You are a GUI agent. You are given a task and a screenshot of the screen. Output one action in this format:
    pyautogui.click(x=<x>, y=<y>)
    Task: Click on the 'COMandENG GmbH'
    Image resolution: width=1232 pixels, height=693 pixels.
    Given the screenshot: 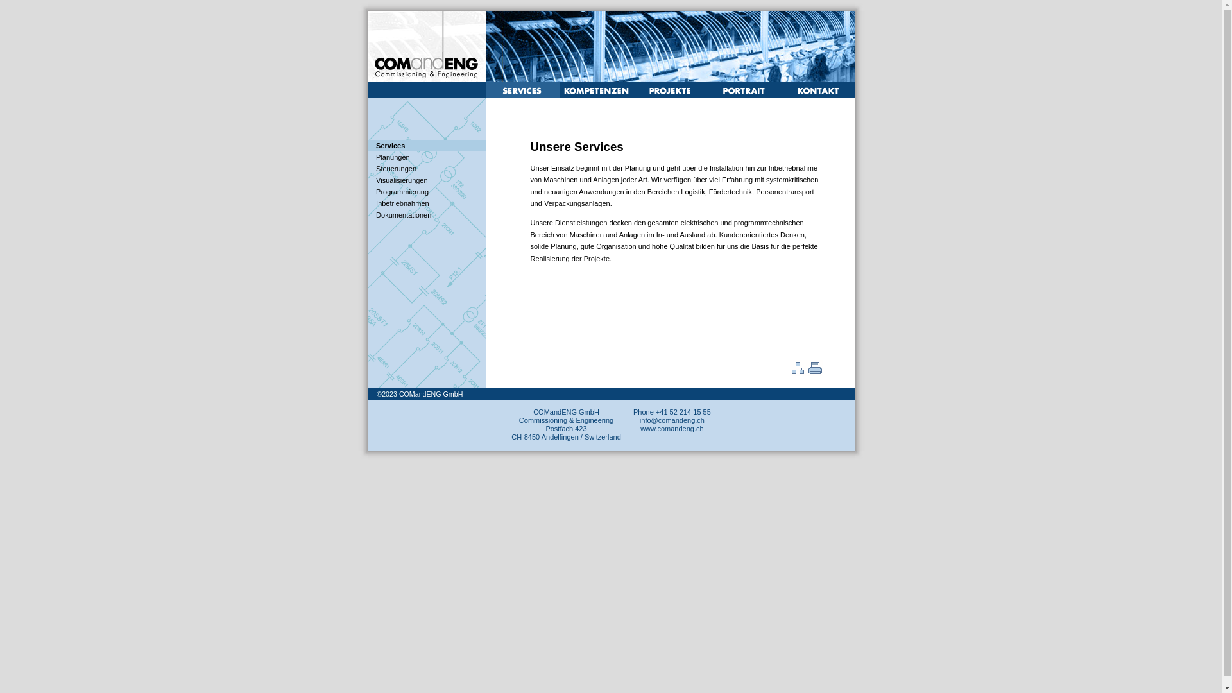 What is the action you would take?
    pyautogui.click(x=431, y=393)
    